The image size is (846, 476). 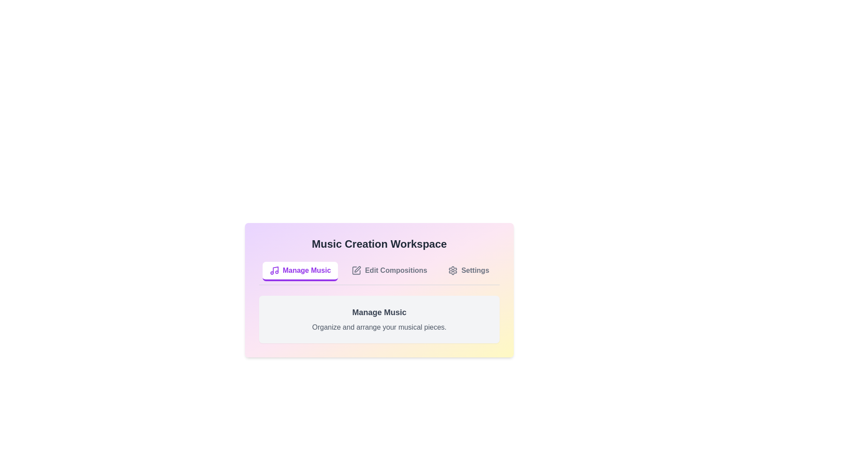 What do you see at coordinates (468, 271) in the screenshot?
I see `the Settings tab by clicking on its respective button` at bounding box center [468, 271].